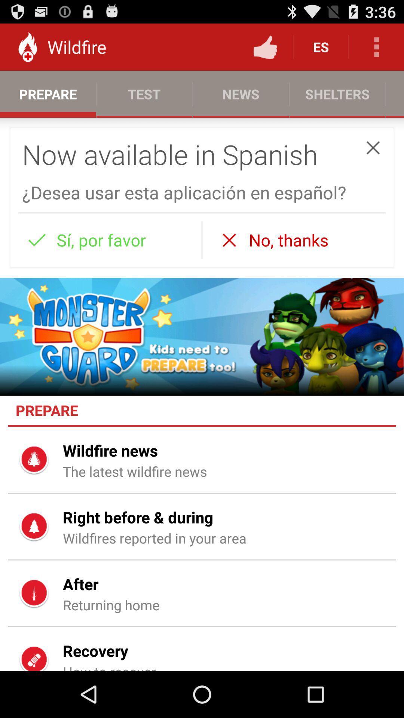 The height and width of the screenshot is (718, 404). I want to click on the icon next to the es item, so click(265, 46).